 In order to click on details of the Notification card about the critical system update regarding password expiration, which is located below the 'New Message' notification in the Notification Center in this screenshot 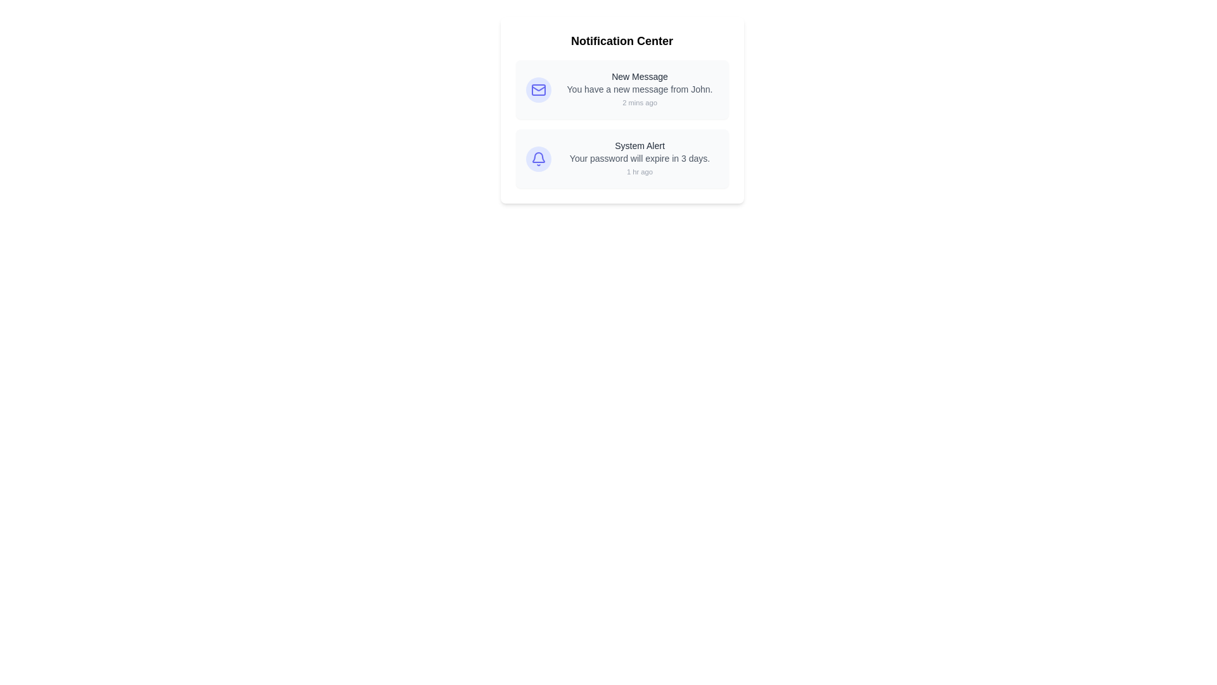, I will do `click(622, 158)`.